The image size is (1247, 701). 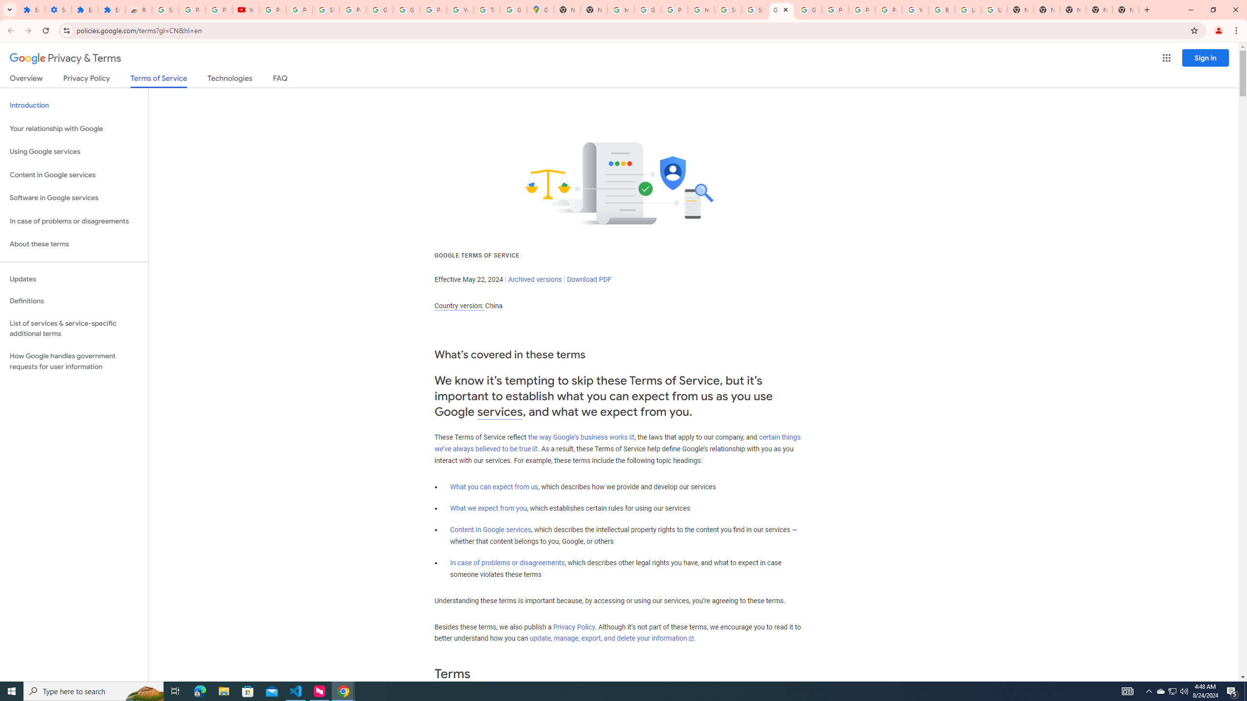 What do you see at coordinates (246, 9) in the screenshot?
I see `'YouTube'` at bounding box center [246, 9].